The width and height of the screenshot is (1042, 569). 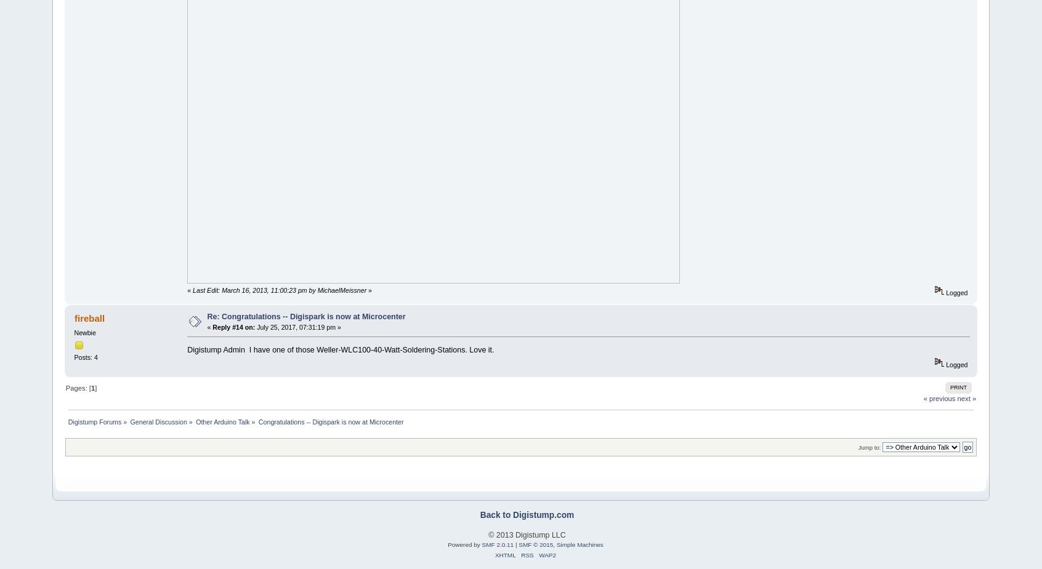 What do you see at coordinates (74, 318) in the screenshot?
I see `'fireball'` at bounding box center [74, 318].